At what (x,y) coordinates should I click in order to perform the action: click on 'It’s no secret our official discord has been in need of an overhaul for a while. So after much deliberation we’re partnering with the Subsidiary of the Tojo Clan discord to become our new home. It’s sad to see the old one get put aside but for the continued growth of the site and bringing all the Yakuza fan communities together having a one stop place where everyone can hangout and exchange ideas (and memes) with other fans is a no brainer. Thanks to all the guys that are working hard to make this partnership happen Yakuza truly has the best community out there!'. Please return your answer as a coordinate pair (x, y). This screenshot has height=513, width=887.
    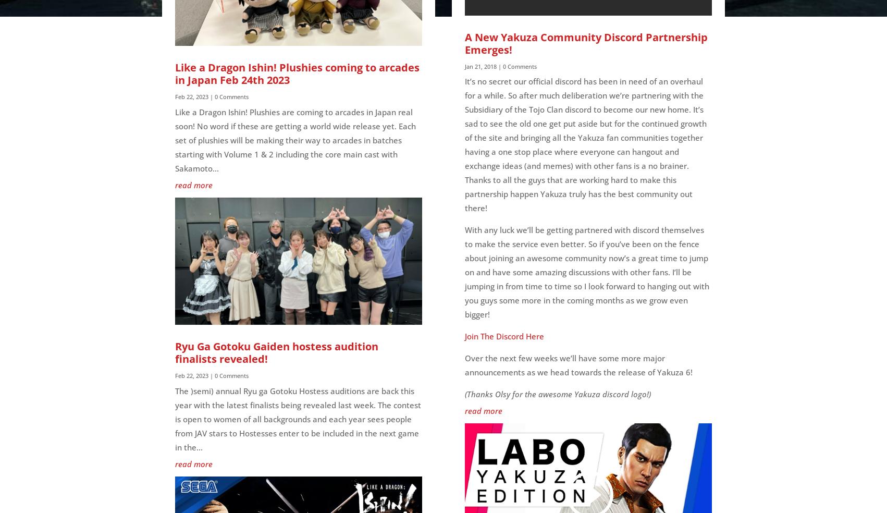
    Looking at the image, I should click on (585, 144).